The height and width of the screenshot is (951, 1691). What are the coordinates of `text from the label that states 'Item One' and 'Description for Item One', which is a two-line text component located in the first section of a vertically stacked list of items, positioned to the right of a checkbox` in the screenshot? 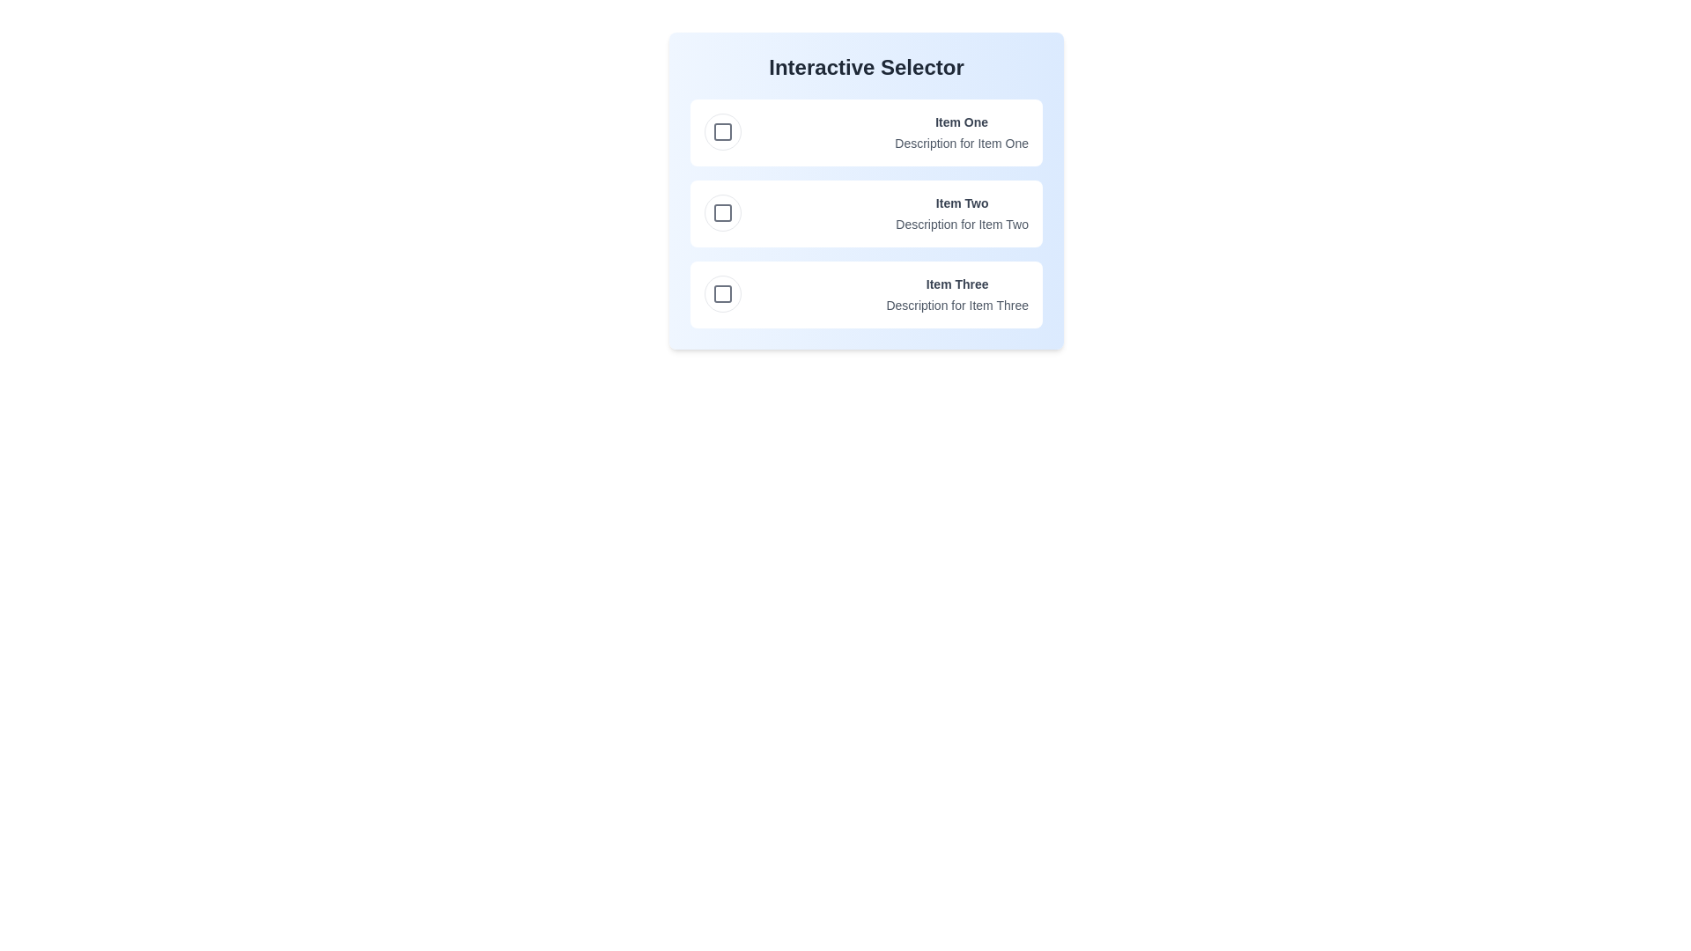 It's located at (961, 131).